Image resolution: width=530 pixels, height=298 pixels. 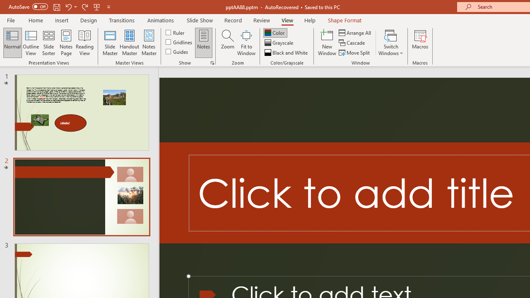 I want to click on 'Slide Master', so click(x=109, y=43).